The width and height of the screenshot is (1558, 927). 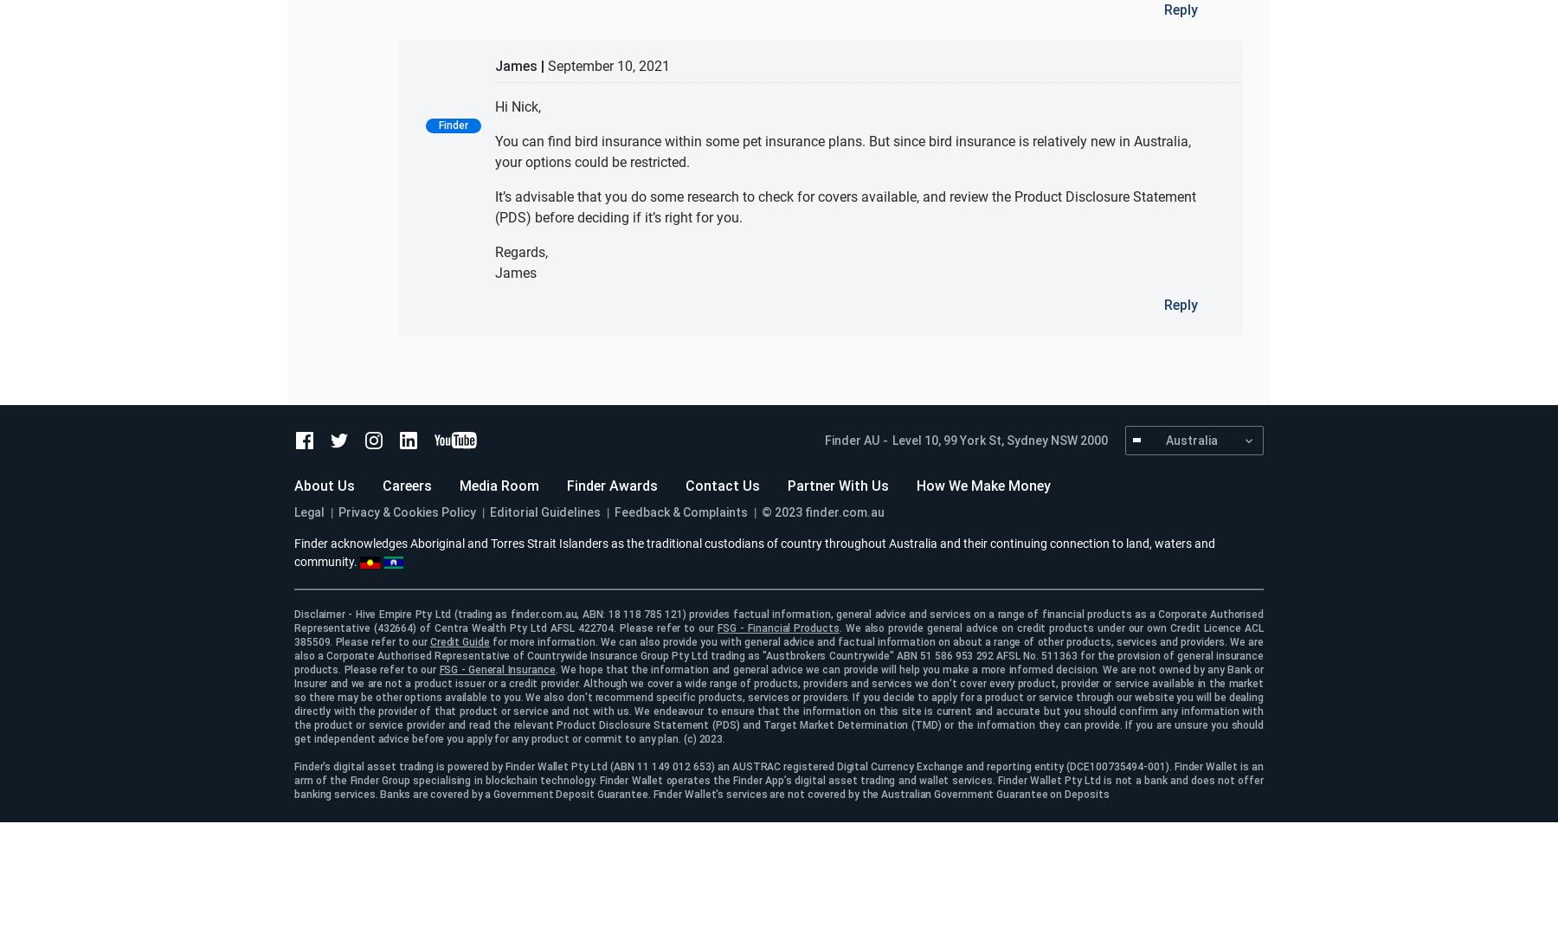 What do you see at coordinates (497, 668) in the screenshot?
I see `'FSG - General Insurance'` at bounding box center [497, 668].